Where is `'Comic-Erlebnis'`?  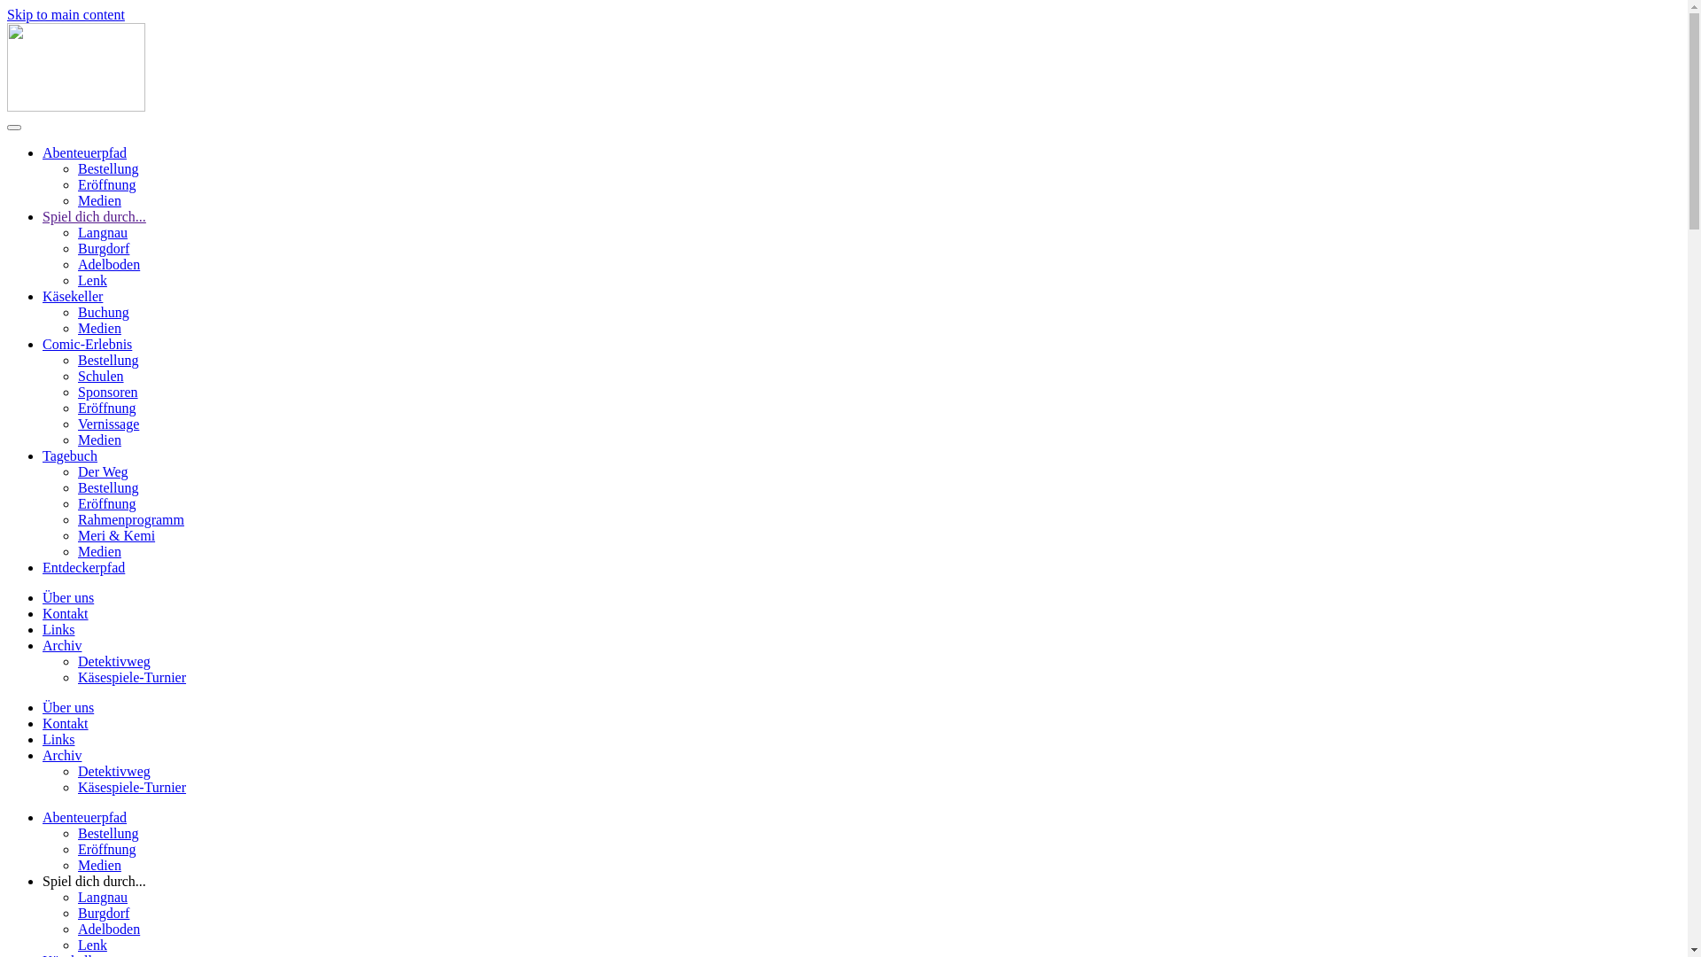
'Comic-Erlebnis' is located at coordinates (86, 344).